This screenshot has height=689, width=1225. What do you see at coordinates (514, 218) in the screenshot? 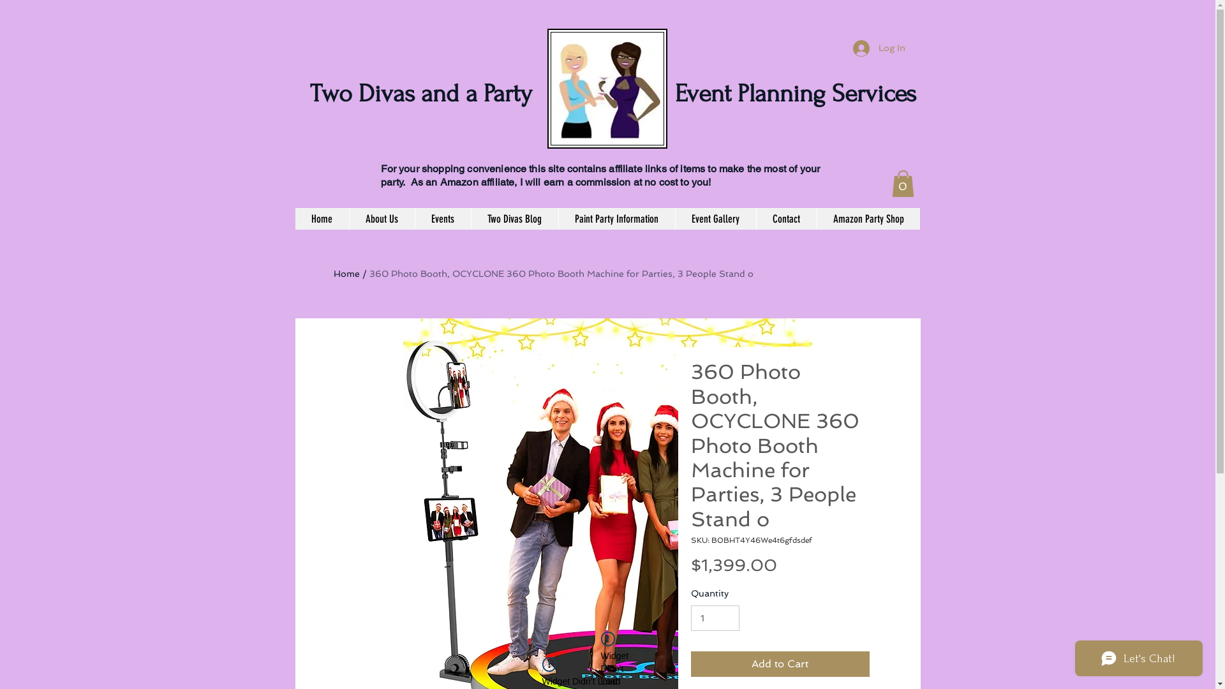
I see `'Two Divas Blog'` at bounding box center [514, 218].